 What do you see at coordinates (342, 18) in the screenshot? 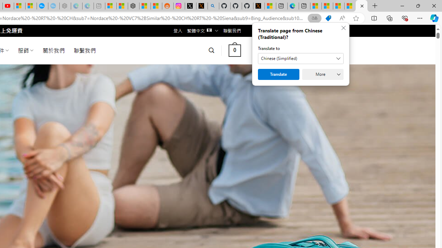
I see `'Read aloud this page (Ctrl+Shift+U)'` at bounding box center [342, 18].